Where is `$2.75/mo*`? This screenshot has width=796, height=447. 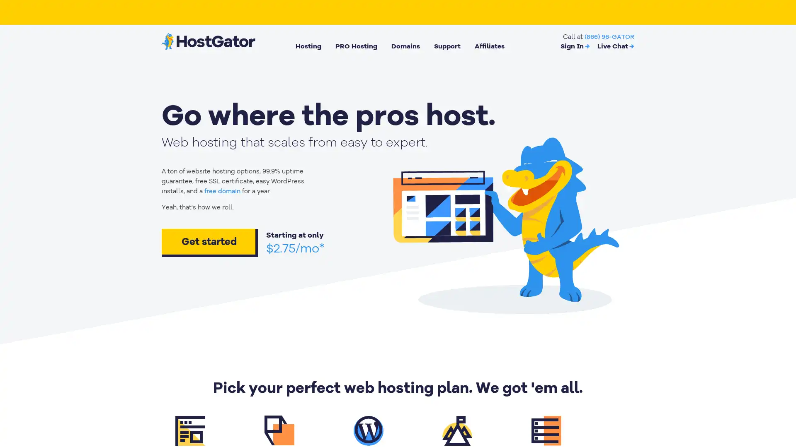 $2.75/mo* is located at coordinates (295, 248).